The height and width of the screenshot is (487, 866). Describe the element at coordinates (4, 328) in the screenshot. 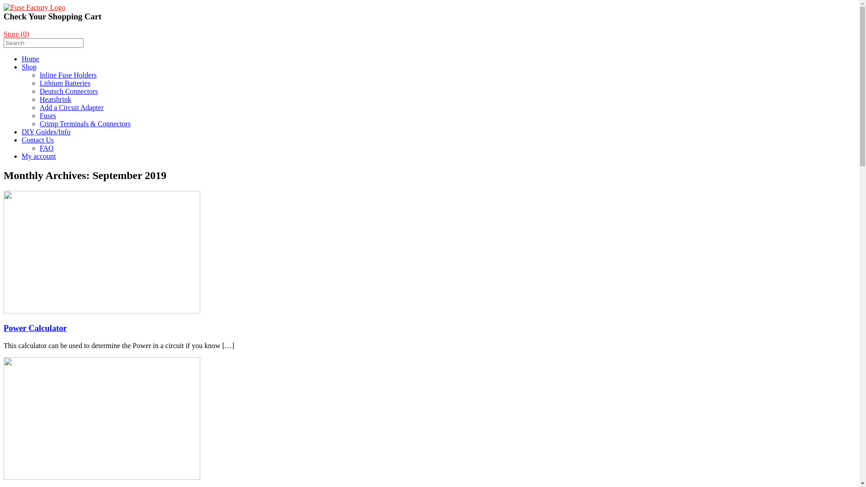

I see `'Power Calculator'` at that location.